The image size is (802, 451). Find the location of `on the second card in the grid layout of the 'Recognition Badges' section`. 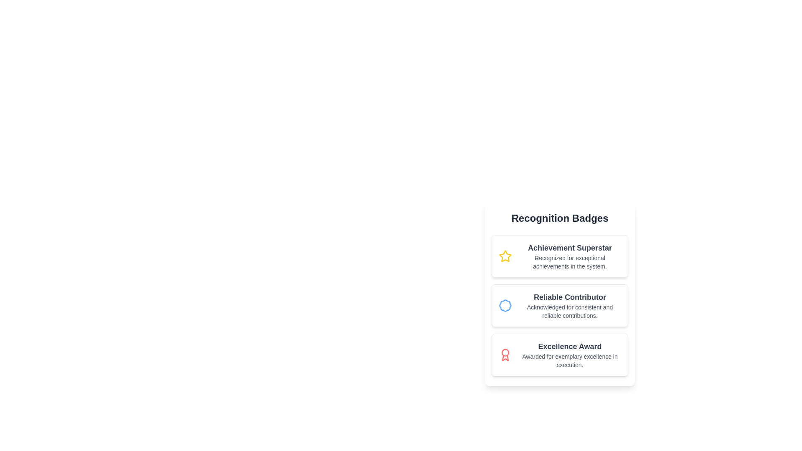

on the second card in the grid layout of the 'Recognition Badges' section is located at coordinates (560, 306).